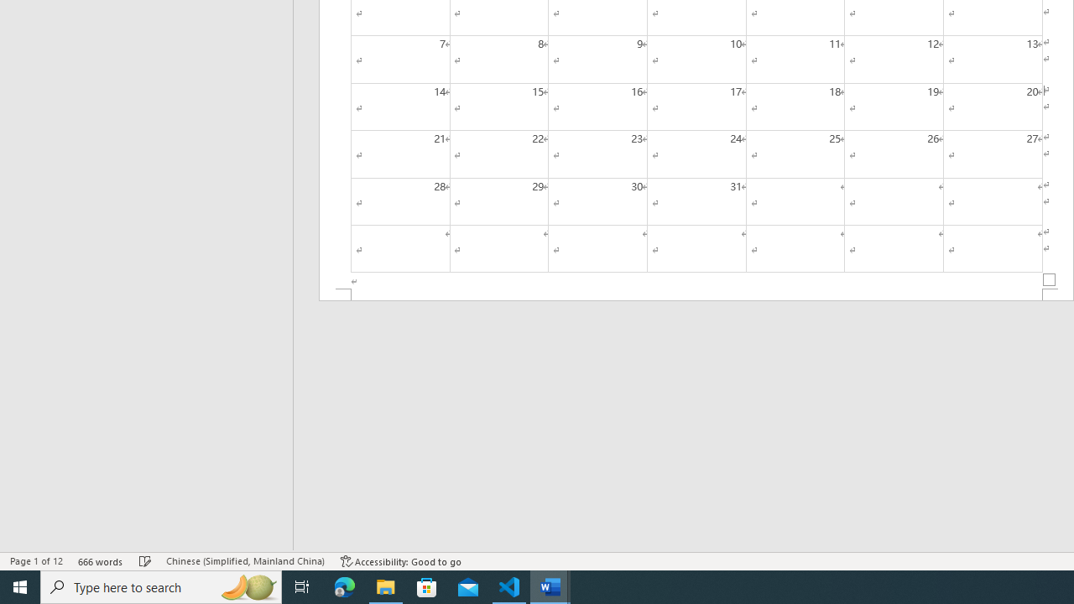 This screenshot has width=1074, height=604. Describe the element at coordinates (145, 561) in the screenshot. I see `'Spelling and Grammar Check Checking'` at that location.